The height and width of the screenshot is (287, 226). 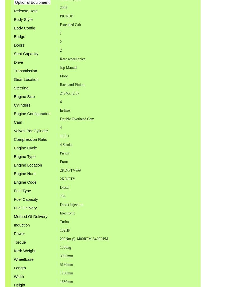 What do you see at coordinates (59, 179) in the screenshot?
I see `'2KD-FTV'` at bounding box center [59, 179].